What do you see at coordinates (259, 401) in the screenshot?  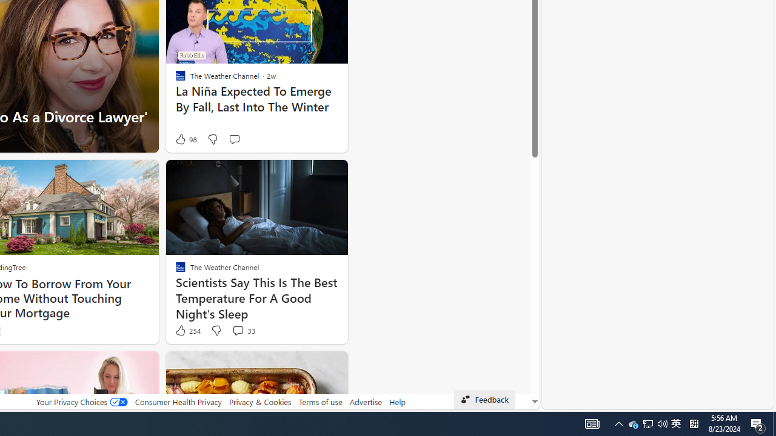 I see `'Privacy & Cookies'` at bounding box center [259, 401].